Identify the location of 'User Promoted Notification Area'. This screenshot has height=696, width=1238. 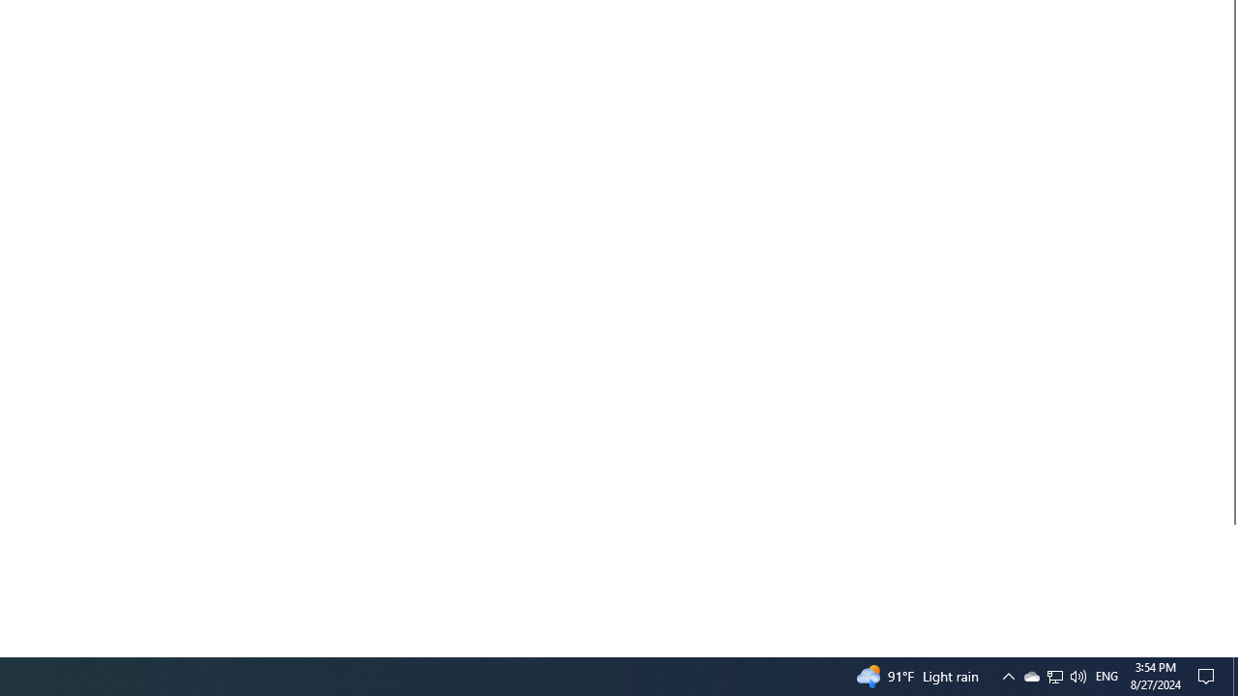
(1053, 675).